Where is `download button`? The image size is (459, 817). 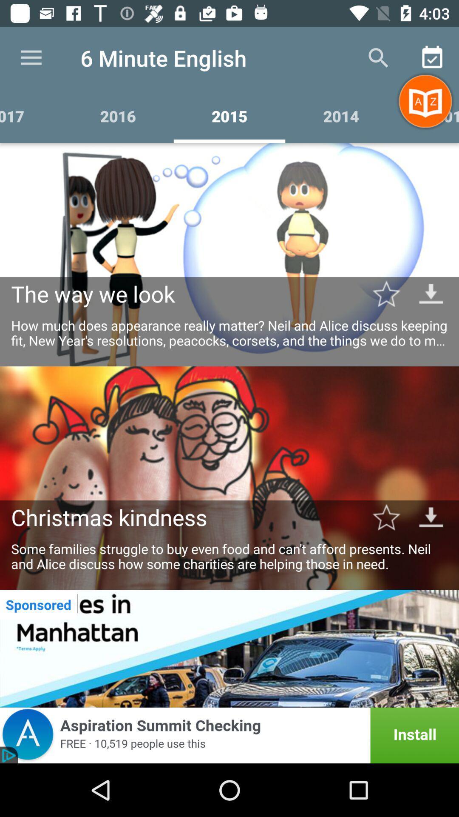
download button is located at coordinates (431, 294).